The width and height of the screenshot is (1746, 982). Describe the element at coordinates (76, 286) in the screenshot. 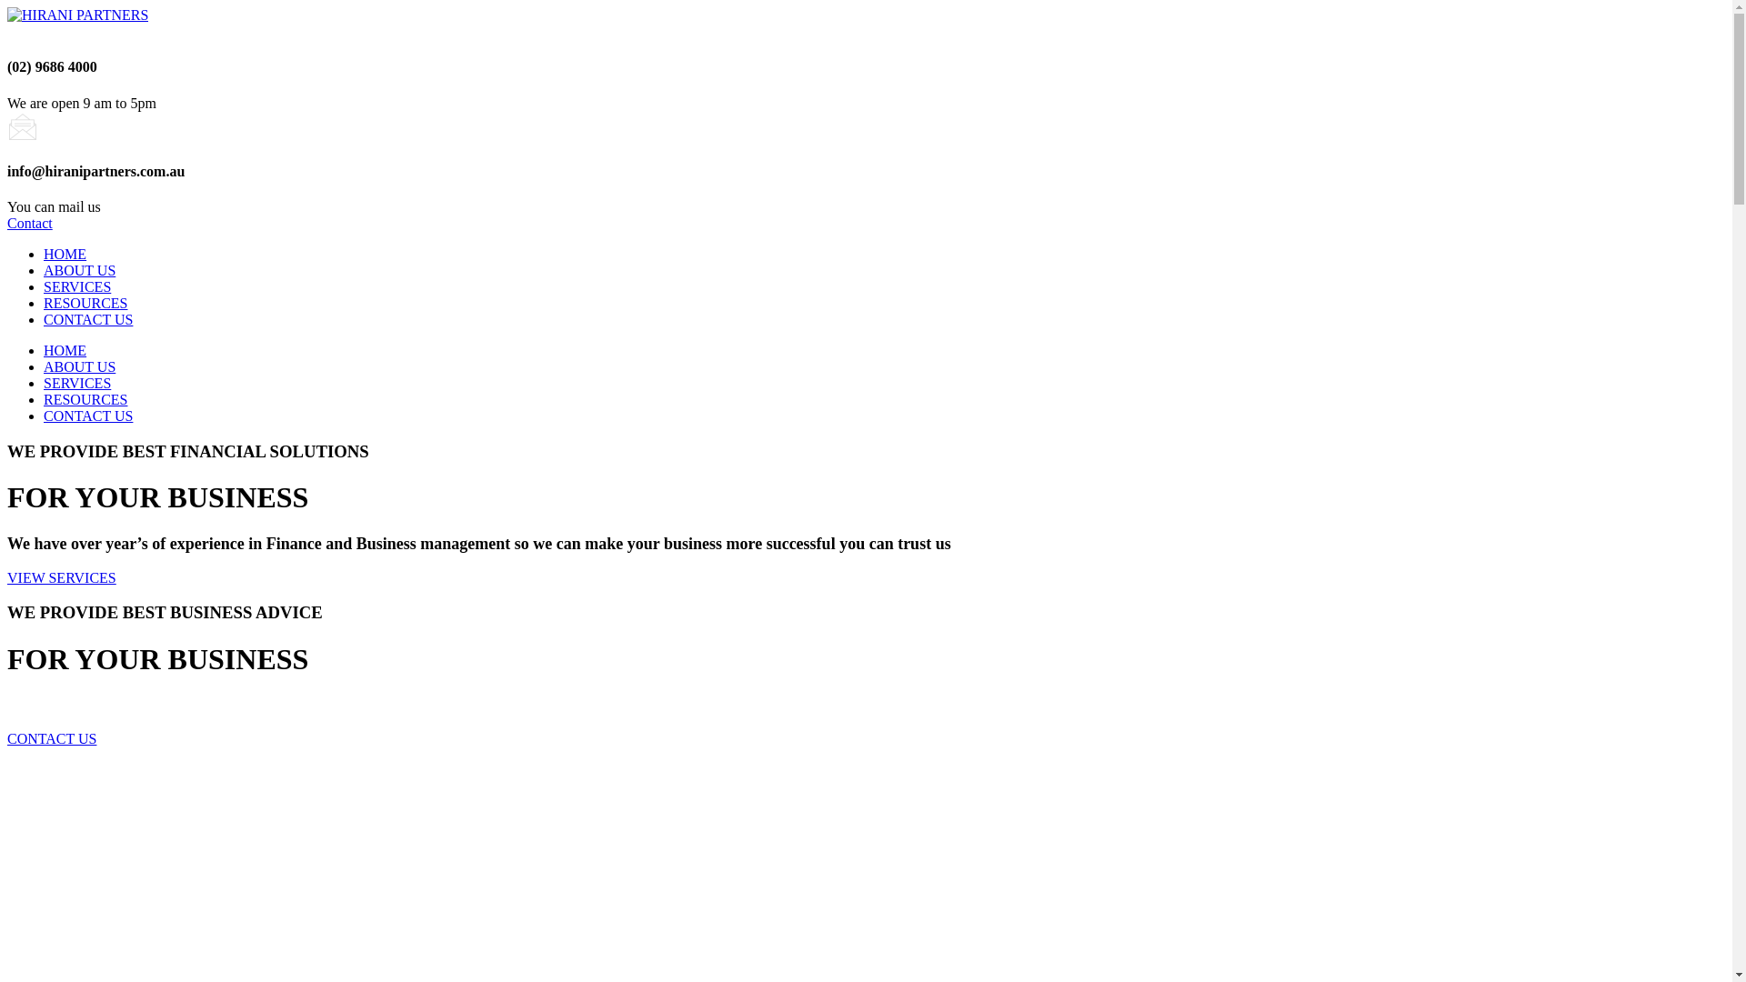

I see `'SERVICES'` at that location.